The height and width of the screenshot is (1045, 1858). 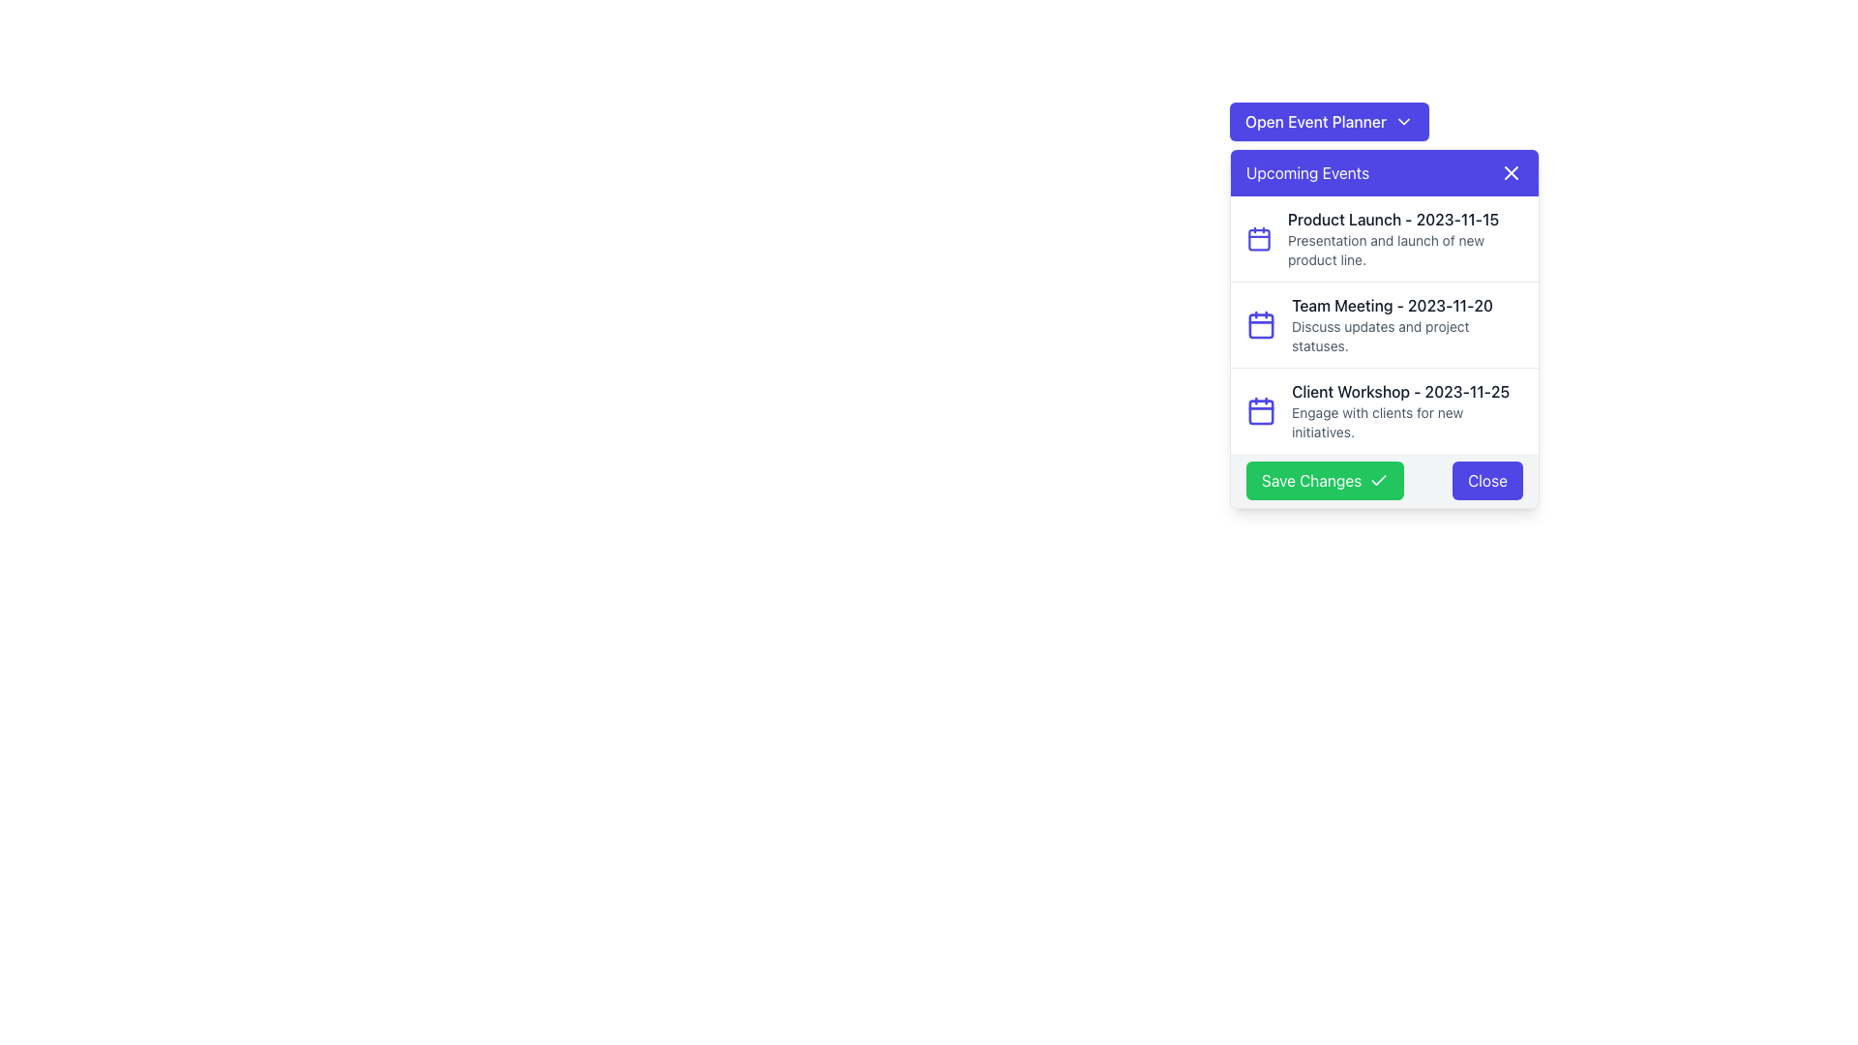 I want to click on the 'Close' button, which is a rectangular button with a purple background and white text, located at the bottom-right corner of the modal dialog, so click(x=1486, y=480).